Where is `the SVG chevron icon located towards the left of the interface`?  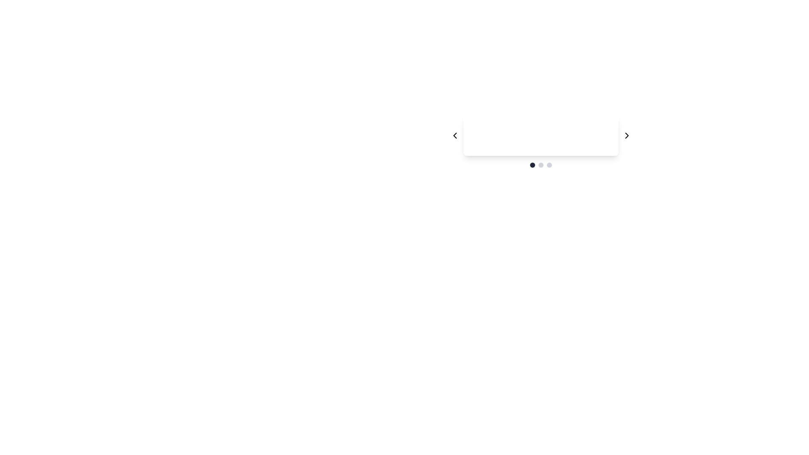 the SVG chevron icon located towards the left of the interface is located at coordinates (455, 135).